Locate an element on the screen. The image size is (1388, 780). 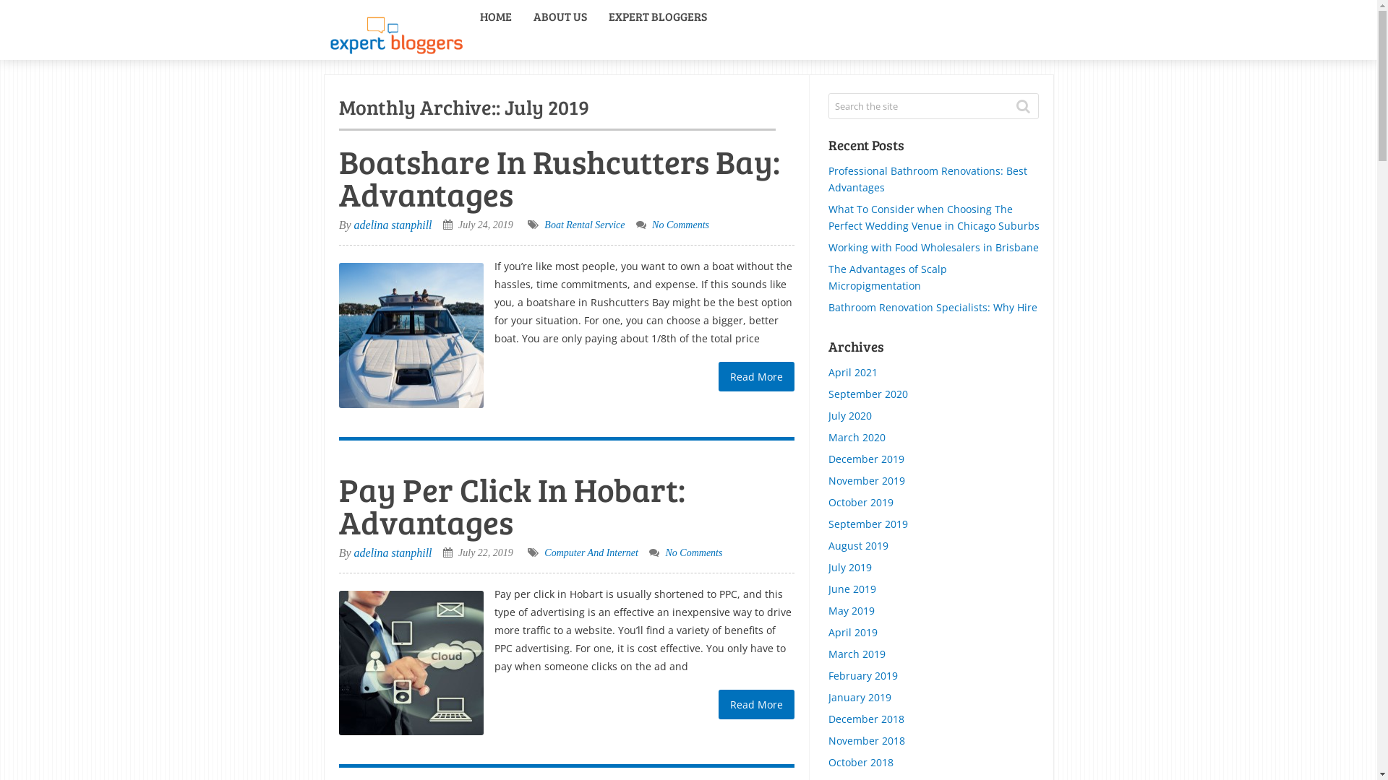
'July 2019' is located at coordinates (850, 566).